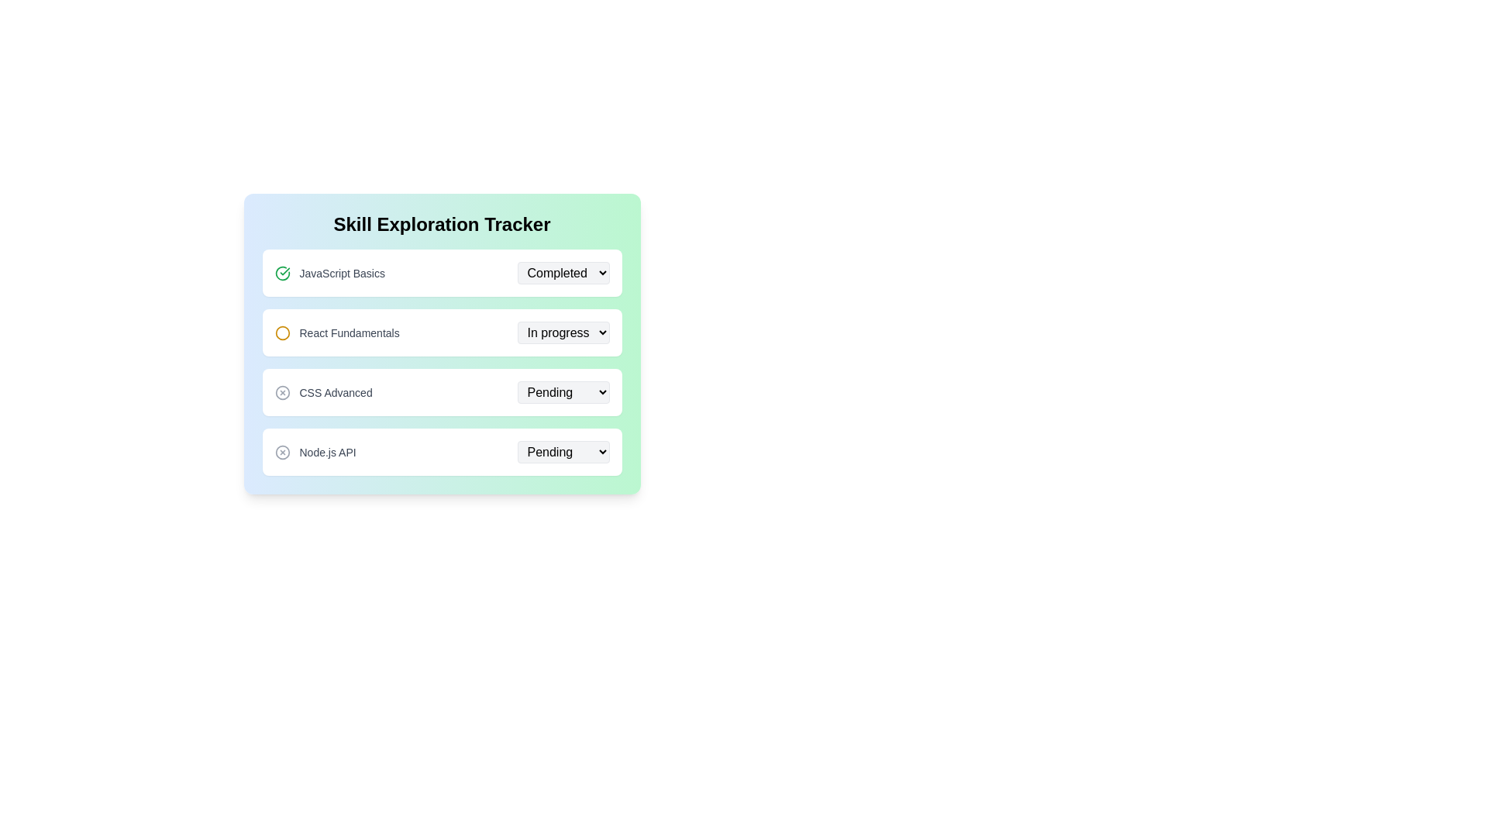  Describe the element at coordinates (282, 272) in the screenshot. I see `the decorative SVG vector graphic component associated with 'JavaScript Basics' skill, located in the center of the first row of skills` at that location.